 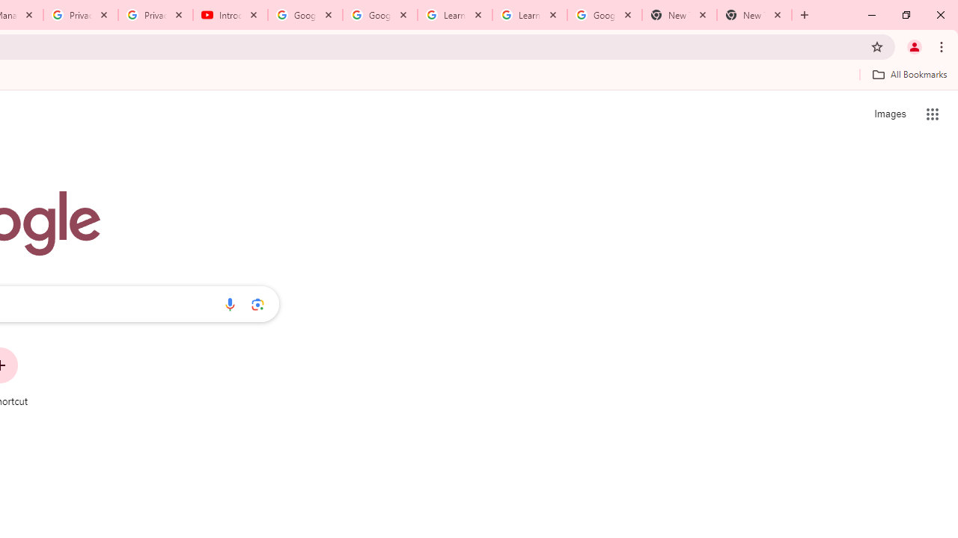 I want to click on 'Introduction | Google Privacy Policy - YouTube', so click(x=230, y=15).